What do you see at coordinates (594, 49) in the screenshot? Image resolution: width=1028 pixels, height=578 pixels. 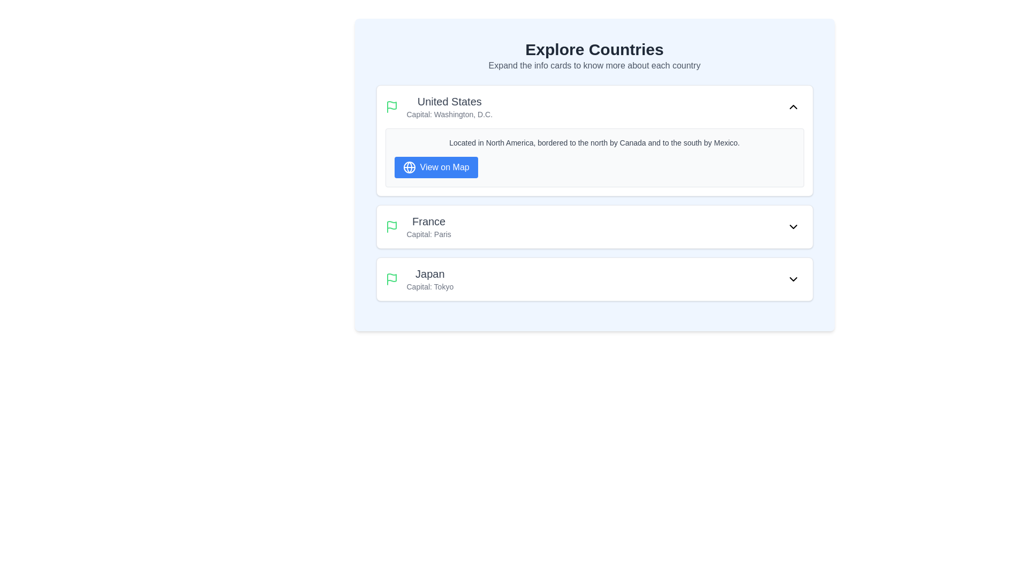 I see `the heading text that displays 'Explore Countries', which is prominently positioned at the top of the interface in a large, bold, dark font` at bounding box center [594, 49].